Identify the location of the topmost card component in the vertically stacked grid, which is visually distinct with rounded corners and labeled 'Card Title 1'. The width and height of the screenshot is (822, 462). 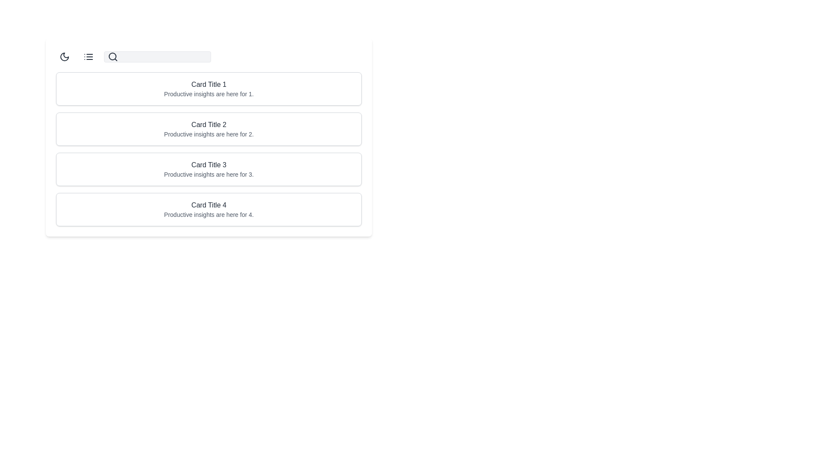
(209, 89).